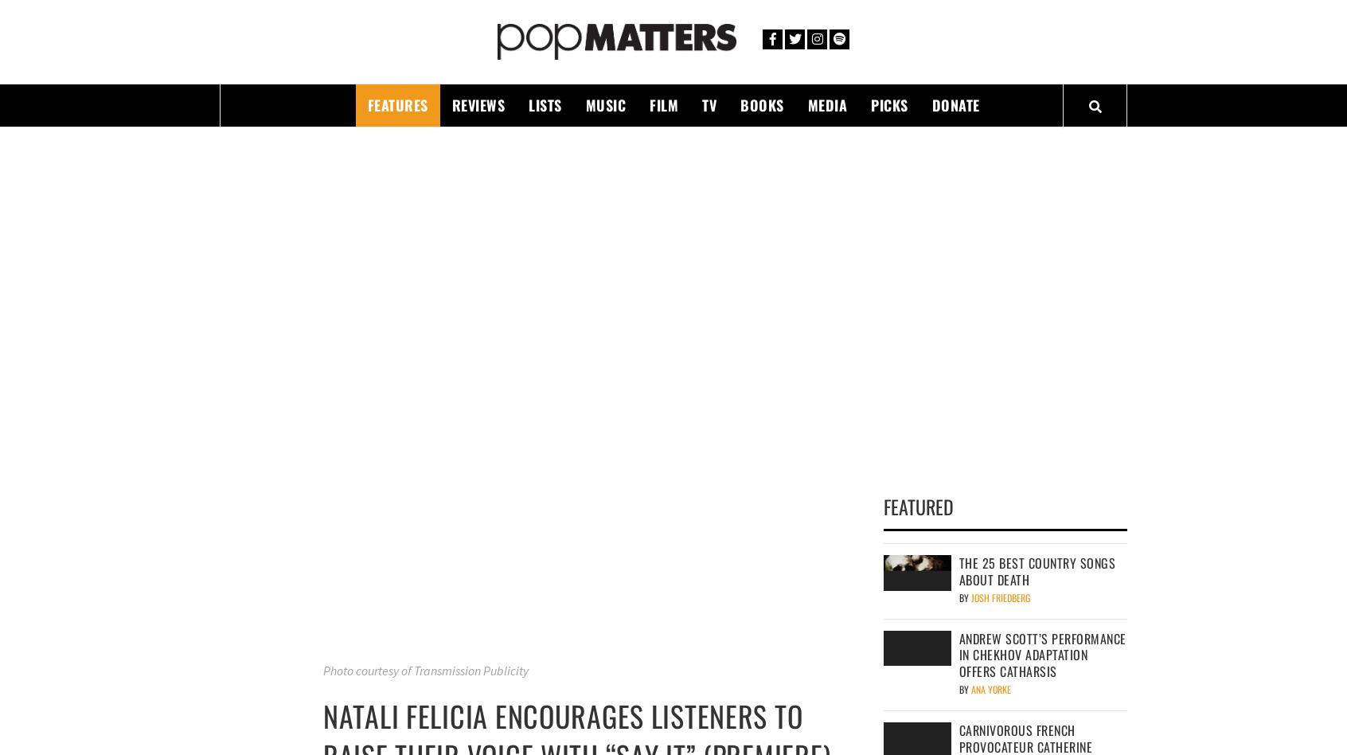 The width and height of the screenshot is (1347, 755). Describe the element at coordinates (889, 104) in the screenshot. I see `'Picks'` at that location.